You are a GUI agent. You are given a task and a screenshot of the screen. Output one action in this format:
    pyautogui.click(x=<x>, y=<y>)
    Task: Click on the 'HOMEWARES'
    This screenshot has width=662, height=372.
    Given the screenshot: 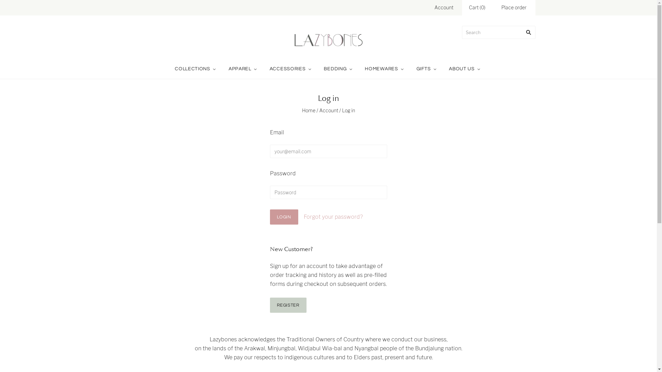 What is the action you would take?
    pyautogui.click(x=359, y=69)
    